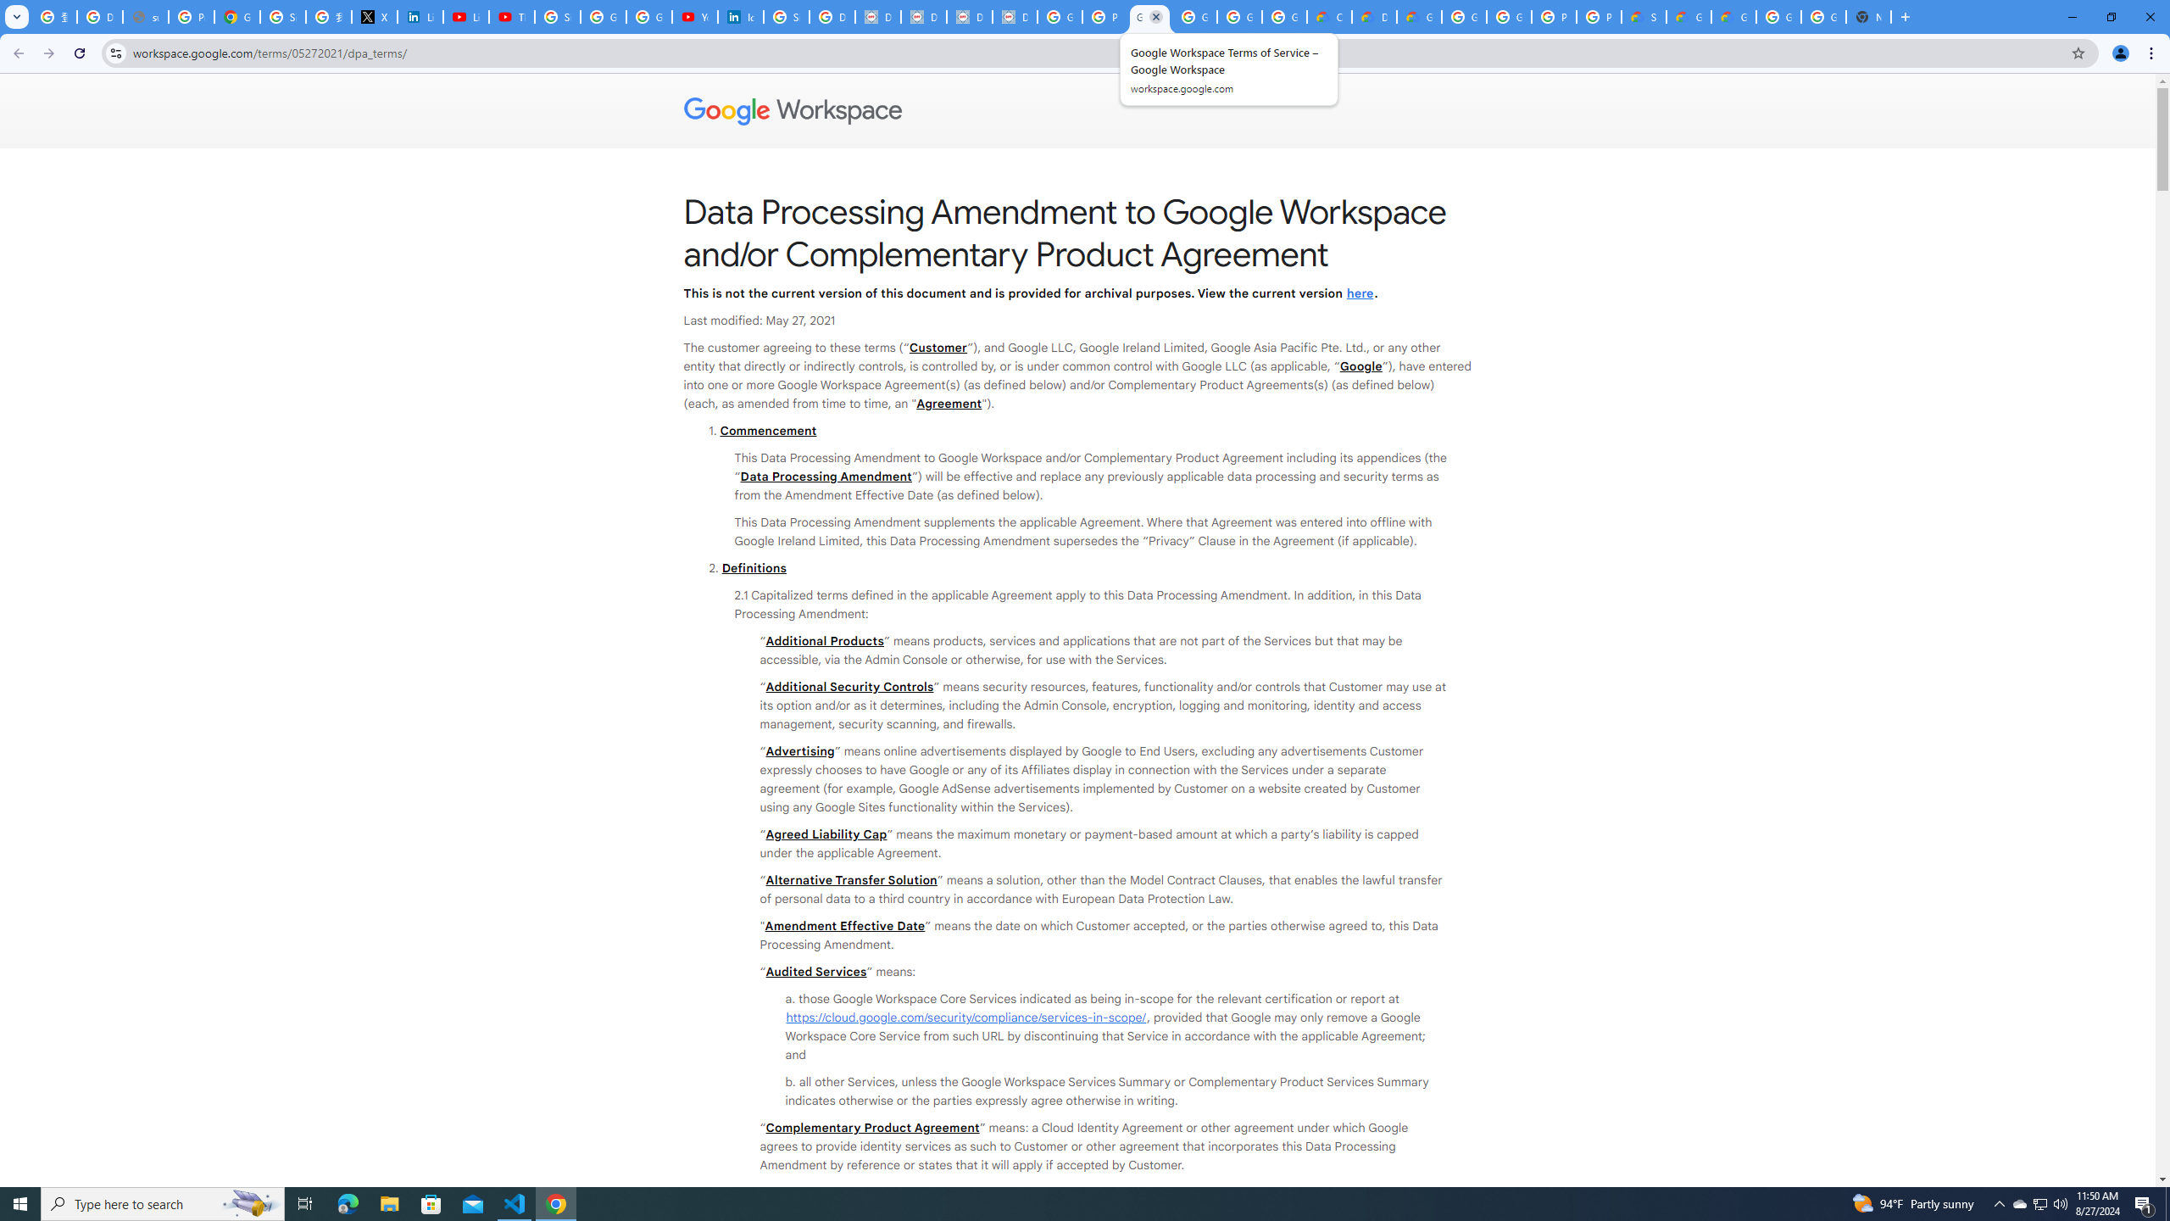  What do you see at coordinates (1465, 16) in the screenshot?
I see `'Google Cloud Platform'` at bounding box center [1465, 16].